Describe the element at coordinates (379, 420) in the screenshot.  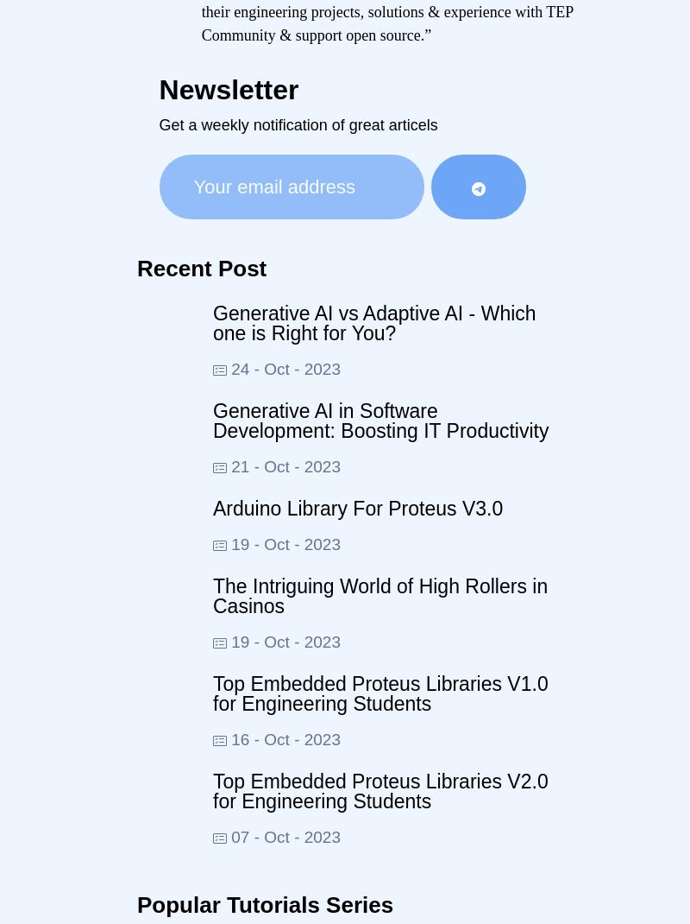
I see `'Generative AI in Software Development: Boosting IT Productivity'` at that location.